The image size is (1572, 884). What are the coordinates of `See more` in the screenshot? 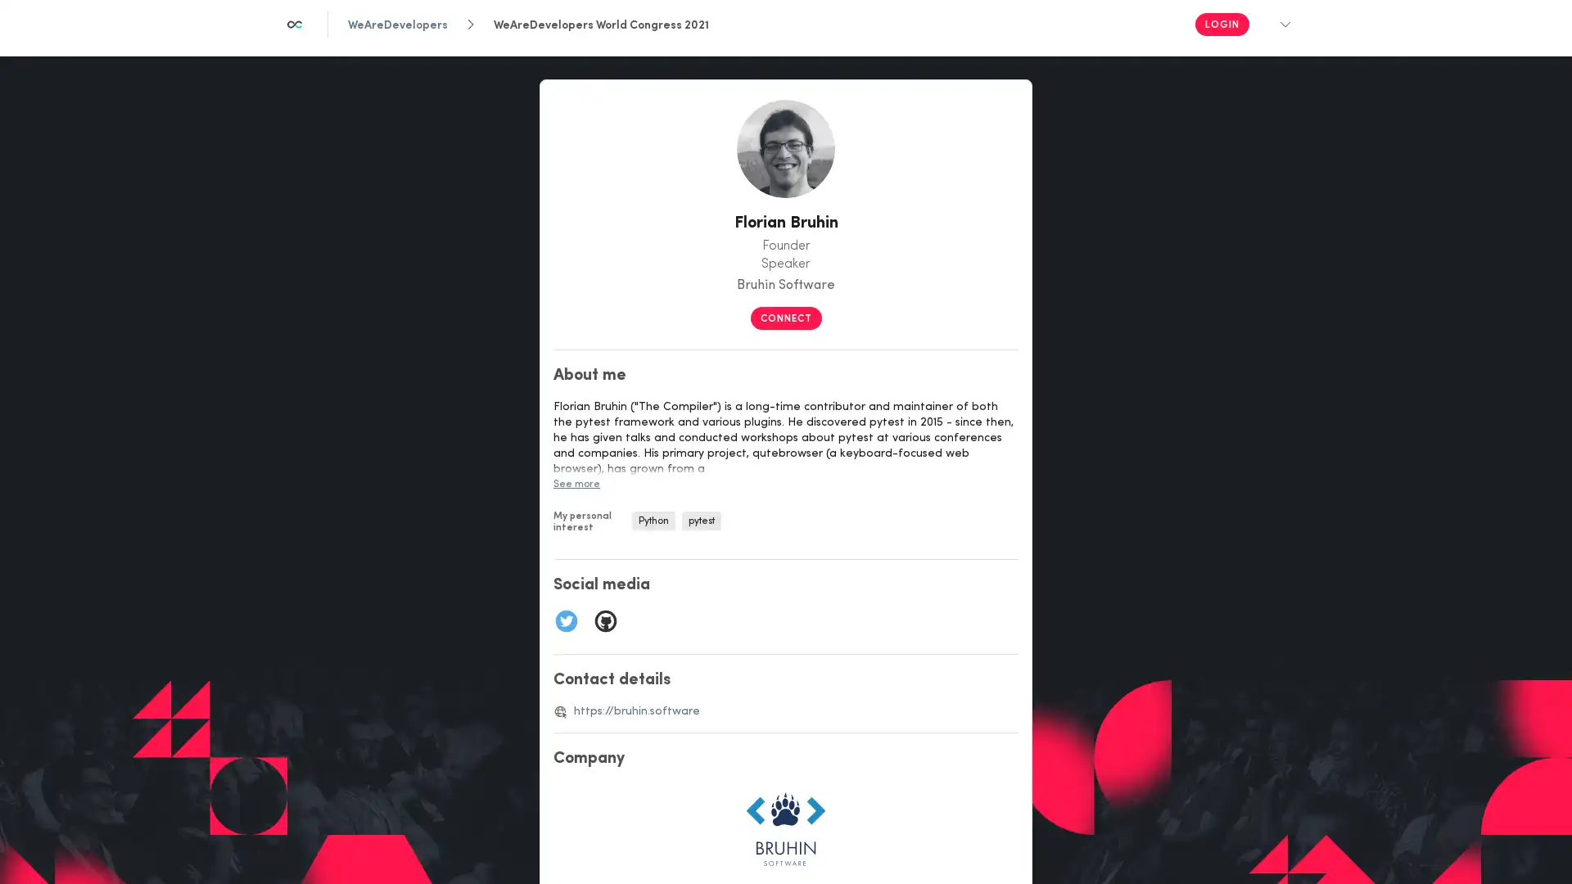 It's located at (576, 512).